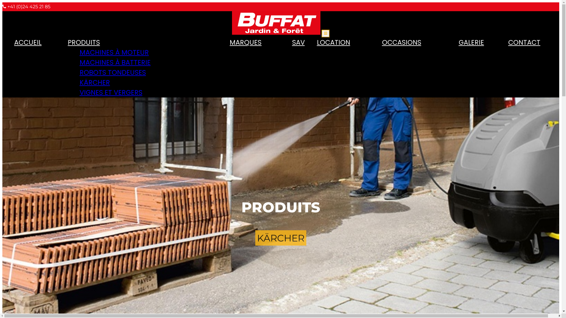 This screenshot has width=566, height=318. Describe the element at coordinates (111, 92) in the screenshot. I see `'VIGNES ET VERGERS'` at that location.